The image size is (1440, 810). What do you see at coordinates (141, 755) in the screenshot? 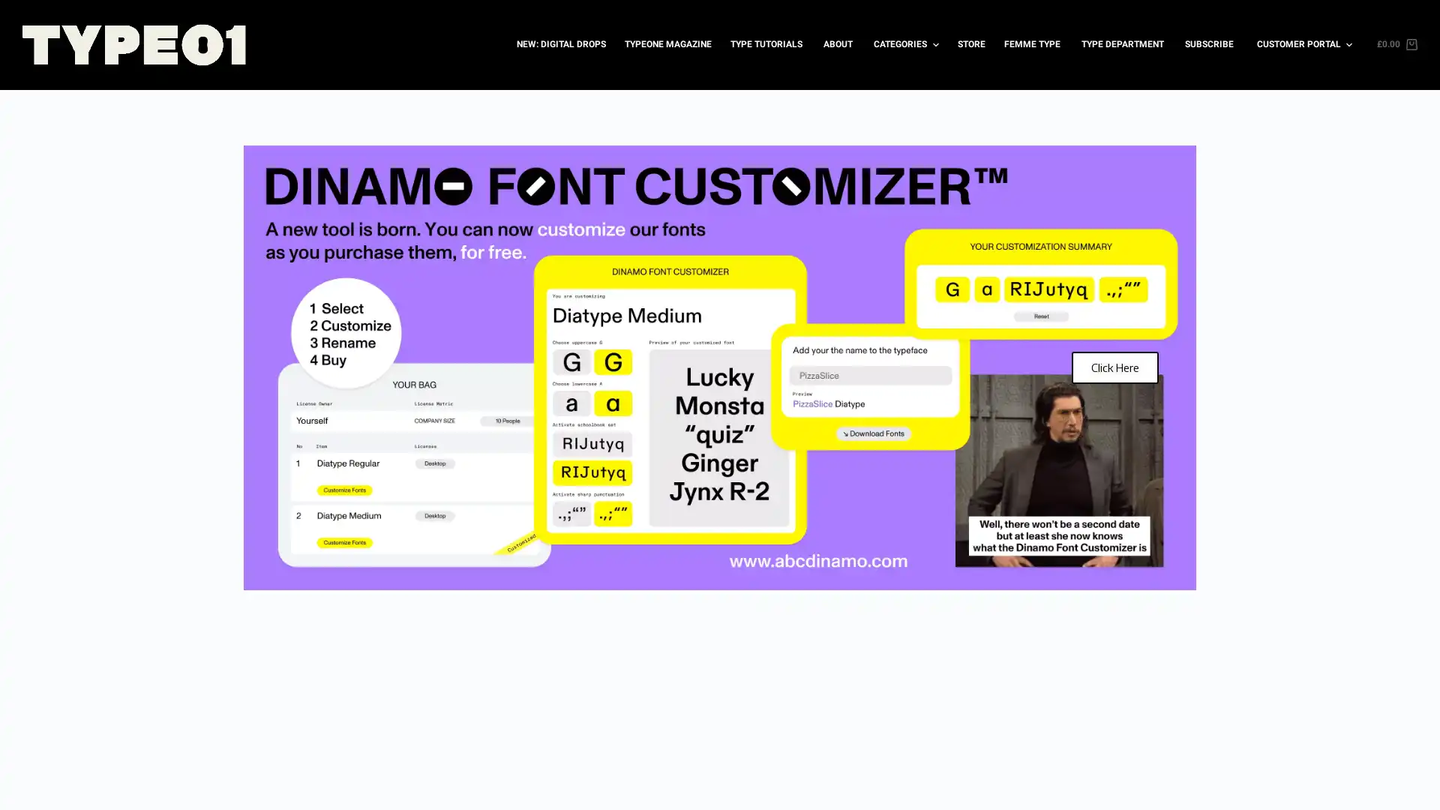
I see `Decline` at bounding box center [141, 755].